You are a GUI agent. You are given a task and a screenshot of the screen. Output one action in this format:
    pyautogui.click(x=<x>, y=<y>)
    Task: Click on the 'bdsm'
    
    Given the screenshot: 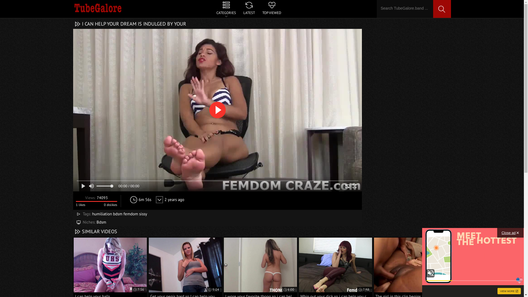 What is the action you would take?
    pyautogui.click(x=117, y=213)
    